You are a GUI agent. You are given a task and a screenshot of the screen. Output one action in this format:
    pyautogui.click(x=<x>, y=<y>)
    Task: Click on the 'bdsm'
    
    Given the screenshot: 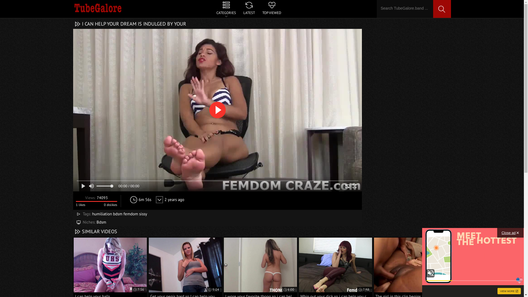 What is the action you would take?
    pyautogui.click(x=117, y=213)
    